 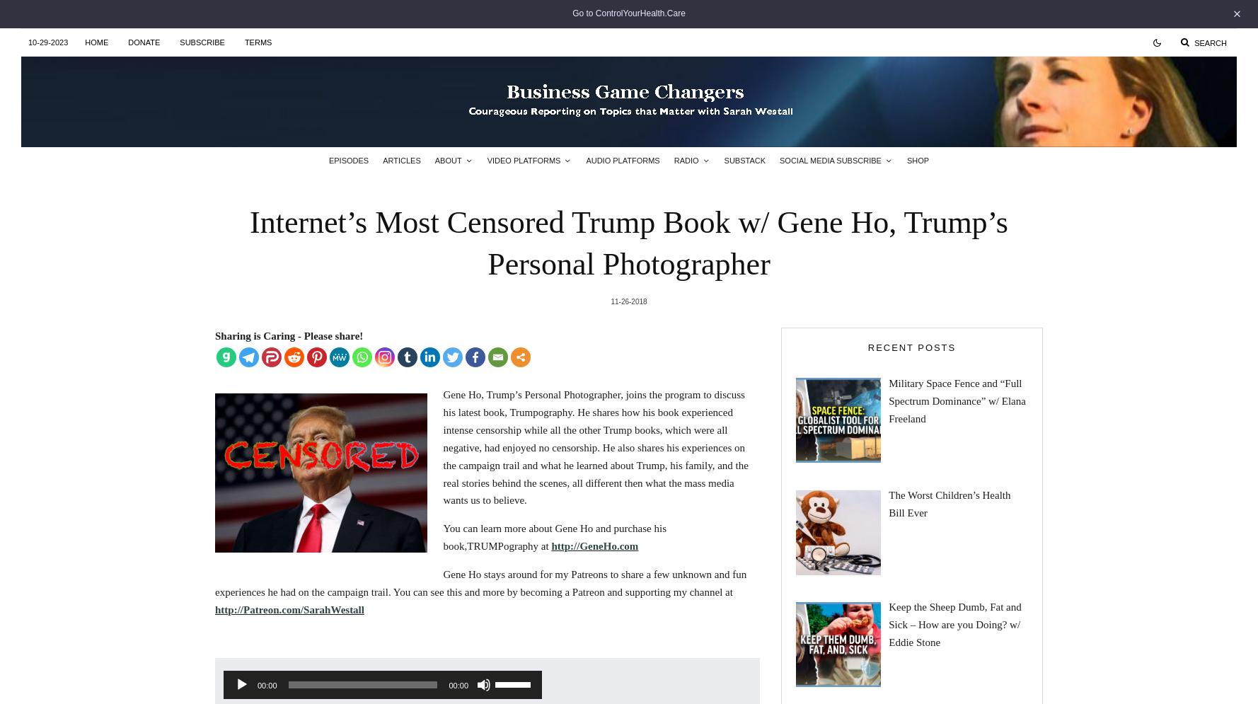 I want to click on 'http://Patreon.com/SarahWestall', so click(x=289, y=608).